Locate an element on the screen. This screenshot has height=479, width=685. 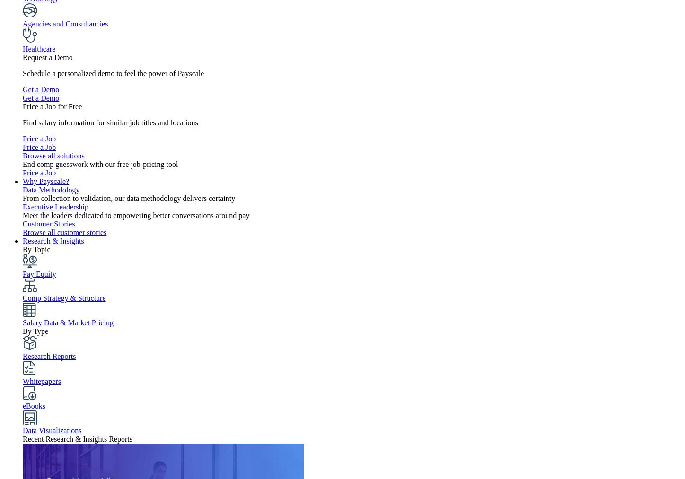
'By Type' is located at coordinates (35, 331).